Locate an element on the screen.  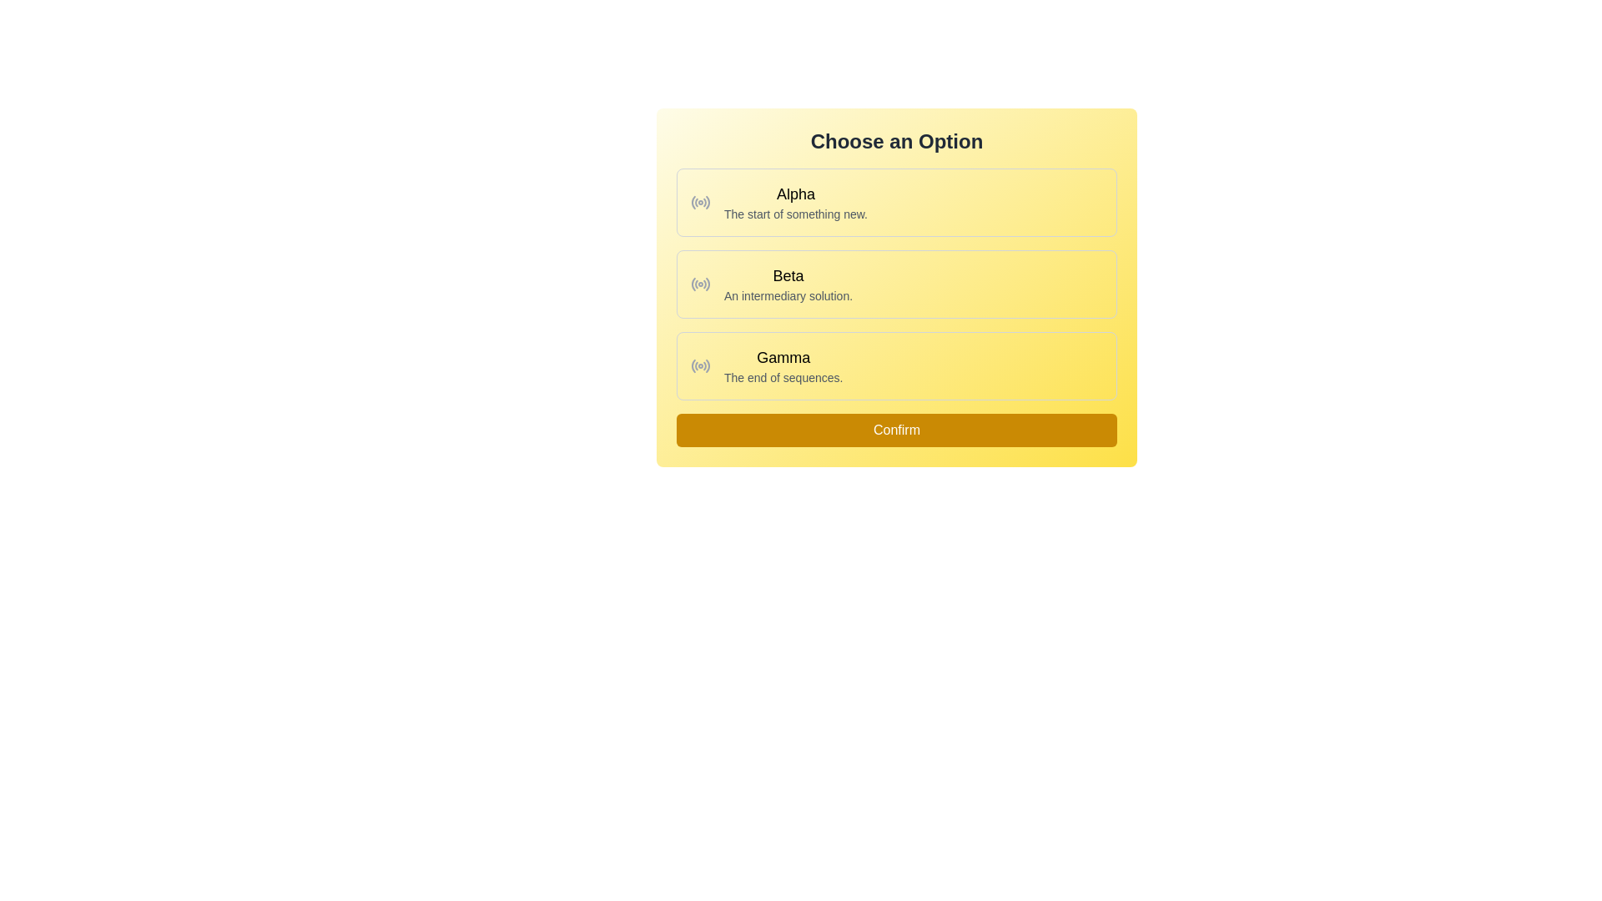
the text label that identifies the first option in a list of selectable choices for focus is located at coordinates (795, 193).